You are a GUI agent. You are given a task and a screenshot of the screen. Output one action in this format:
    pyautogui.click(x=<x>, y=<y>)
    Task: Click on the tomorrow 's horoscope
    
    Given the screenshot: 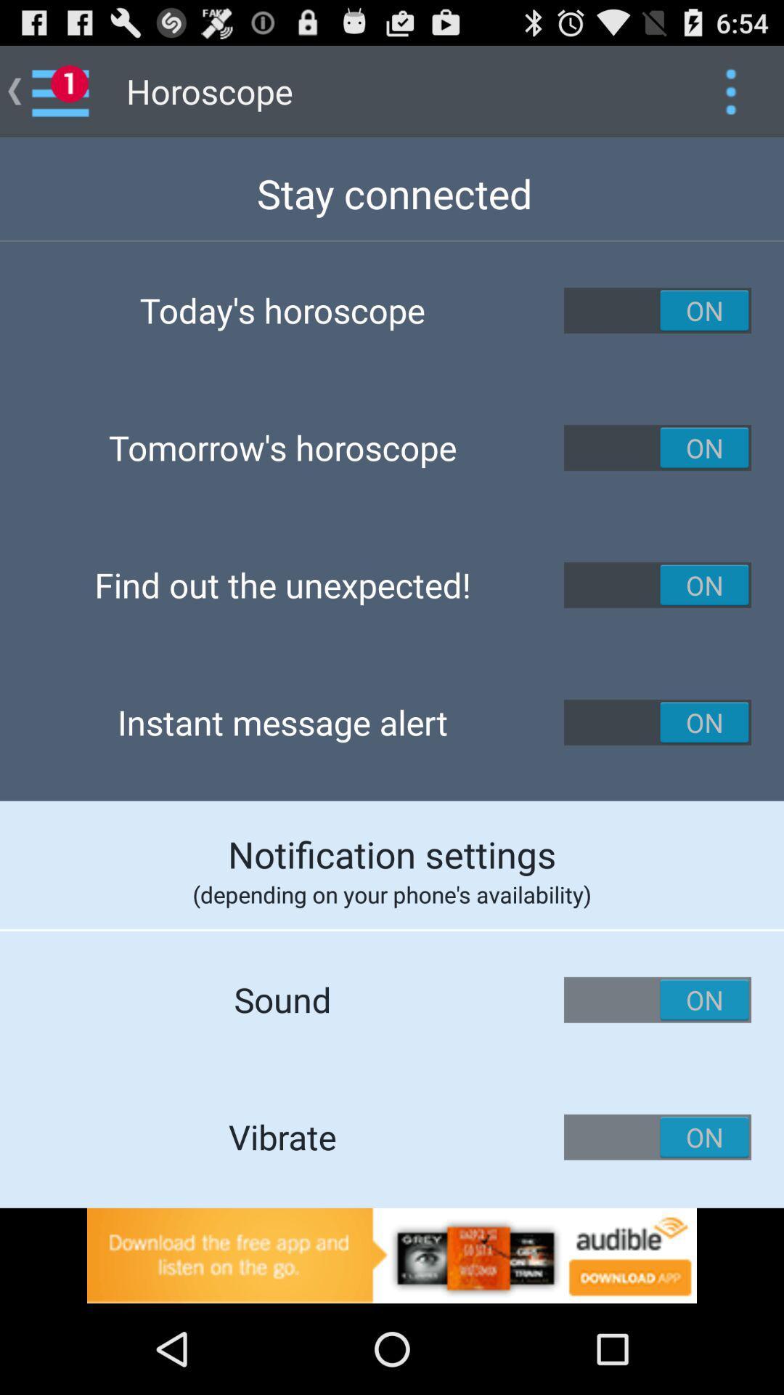 What is the action you would take?
    pyautogui.click(x=658, y=447)
    